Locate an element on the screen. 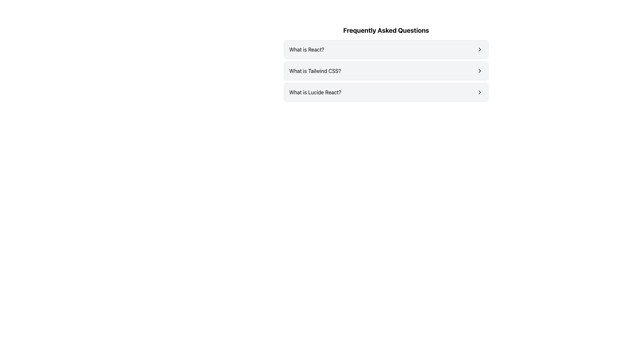 Image resolution: width=622 pixels, height=350 pixels. the FAQ entry button located at the top of the vertically stacked list, which is positioned above the entries for 'What is Tailwind CSS?' and 'What is Lucide React?' is located at coordinates (386, 49).